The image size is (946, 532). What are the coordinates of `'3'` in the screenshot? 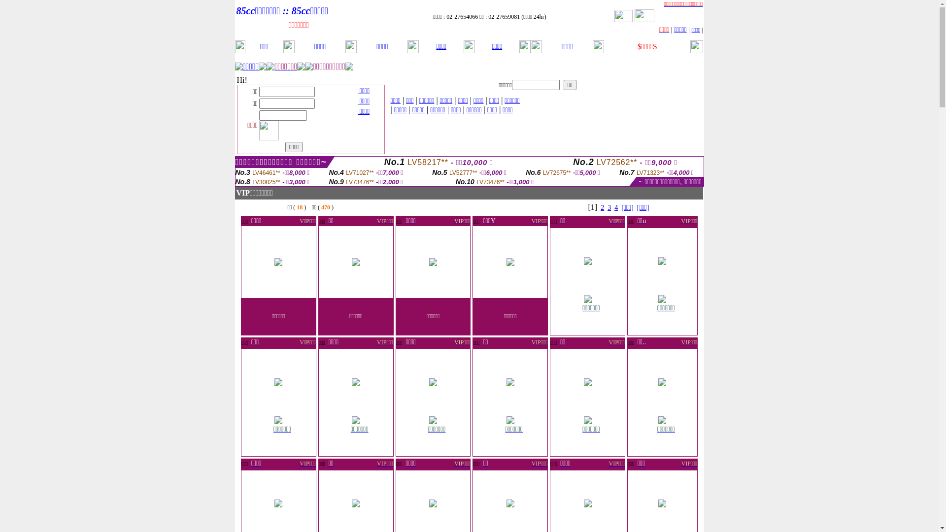 It's located at (608, 207).